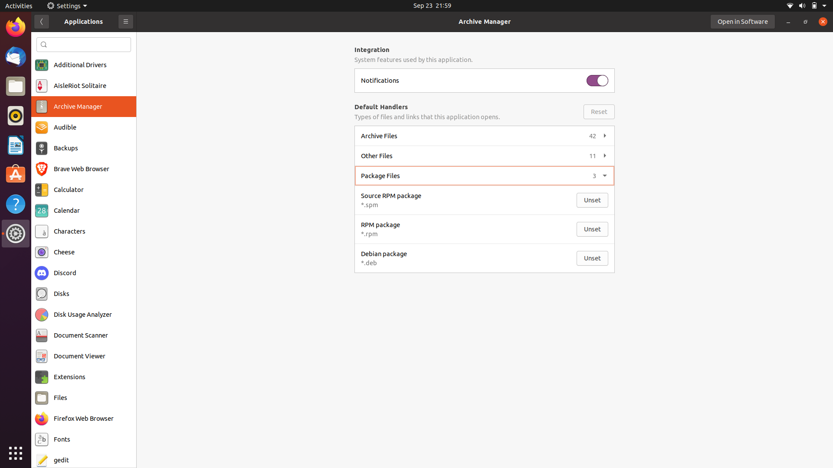  I want to click on Activate package files, so click(482, 175).